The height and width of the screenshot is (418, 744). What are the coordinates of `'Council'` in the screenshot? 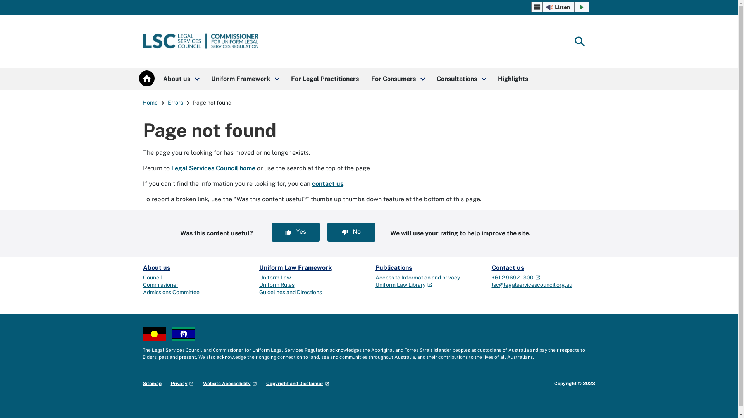 It's located at (152, 277).